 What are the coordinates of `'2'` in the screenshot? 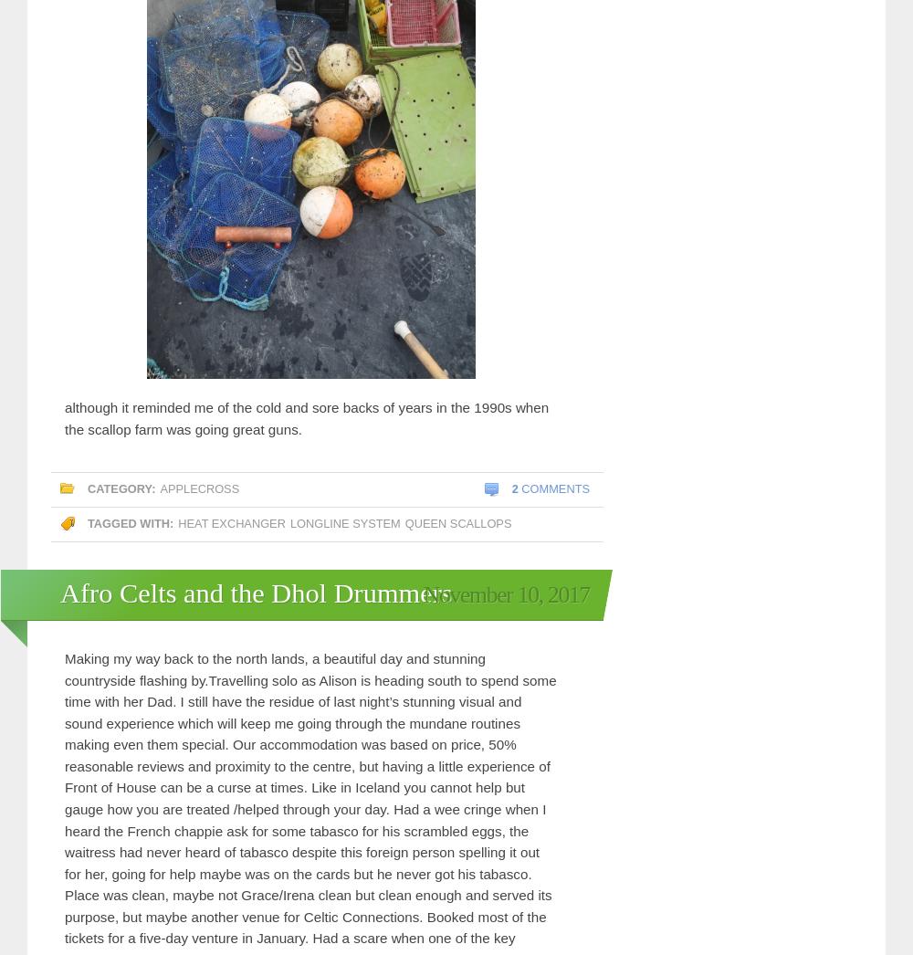 It's located at (513, 488).